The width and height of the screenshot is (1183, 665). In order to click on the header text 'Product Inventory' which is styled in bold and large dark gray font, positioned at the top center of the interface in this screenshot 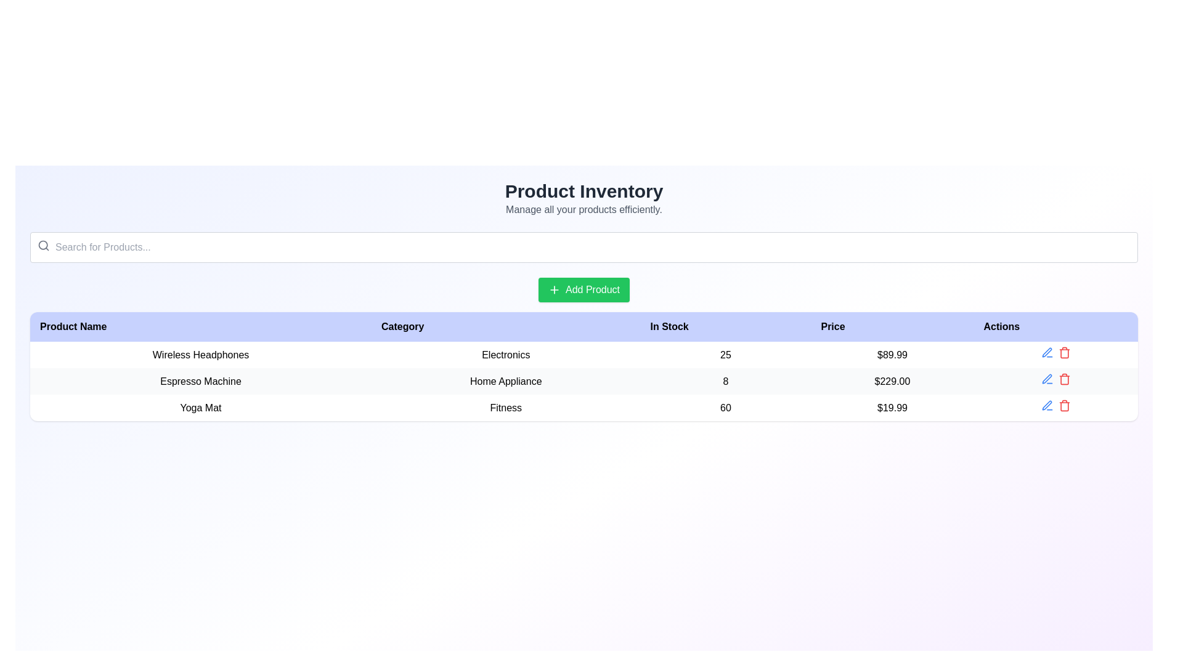, I will do `click(583, 191)`.